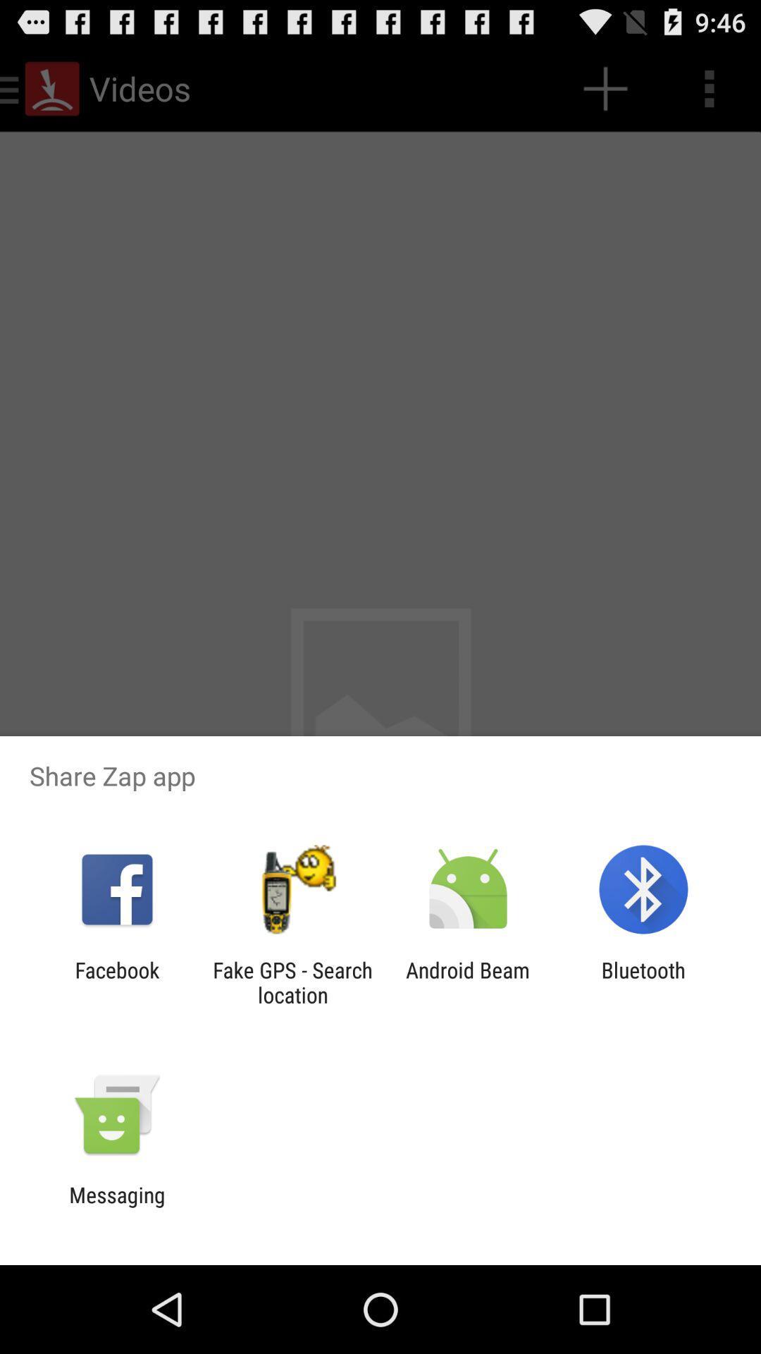 Image resolution: width=761 pixels, height=1354 pixels. Describe the element at coordinates (116, 982) in the screenshot. I see `the facebook item` at that location.